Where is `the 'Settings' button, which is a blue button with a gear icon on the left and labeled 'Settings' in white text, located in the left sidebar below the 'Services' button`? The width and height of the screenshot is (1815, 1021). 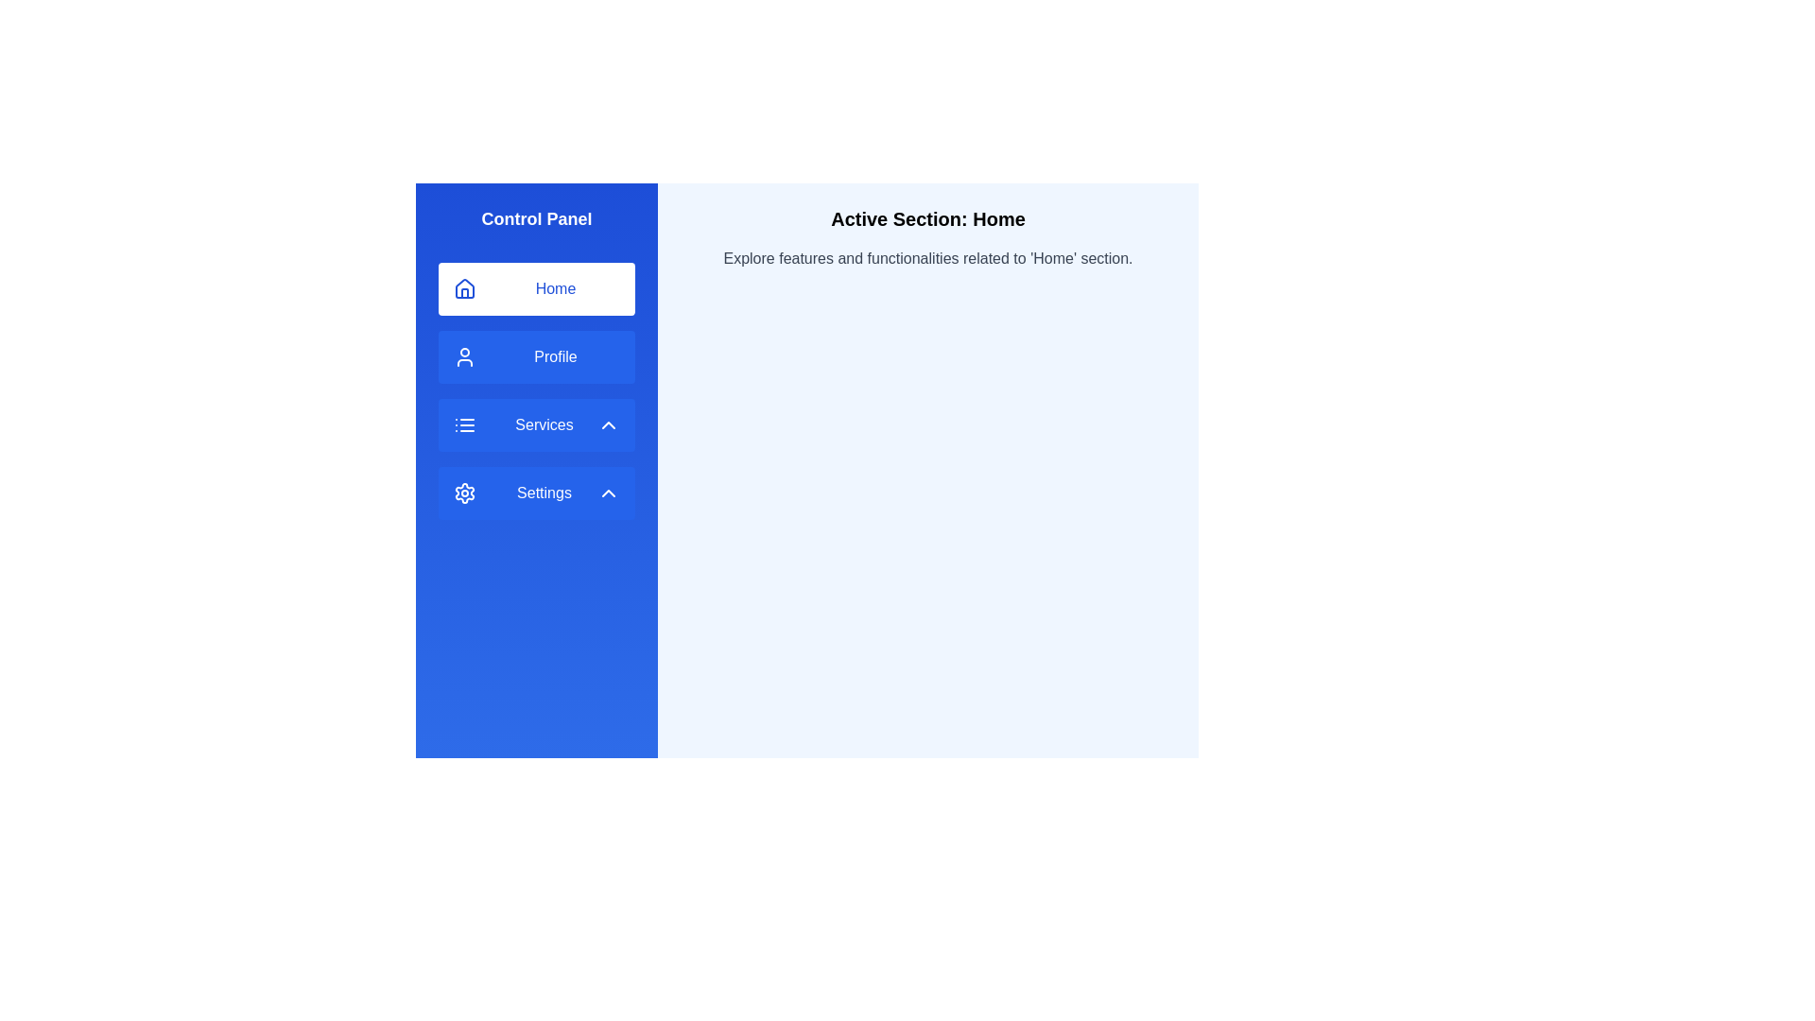 the 'Settings' button, which is a blue button with a gear icon on the left and labeled 'Settings' in white text, located in the left sidebar below the 'Services' button is located at coordinates (535, 492).